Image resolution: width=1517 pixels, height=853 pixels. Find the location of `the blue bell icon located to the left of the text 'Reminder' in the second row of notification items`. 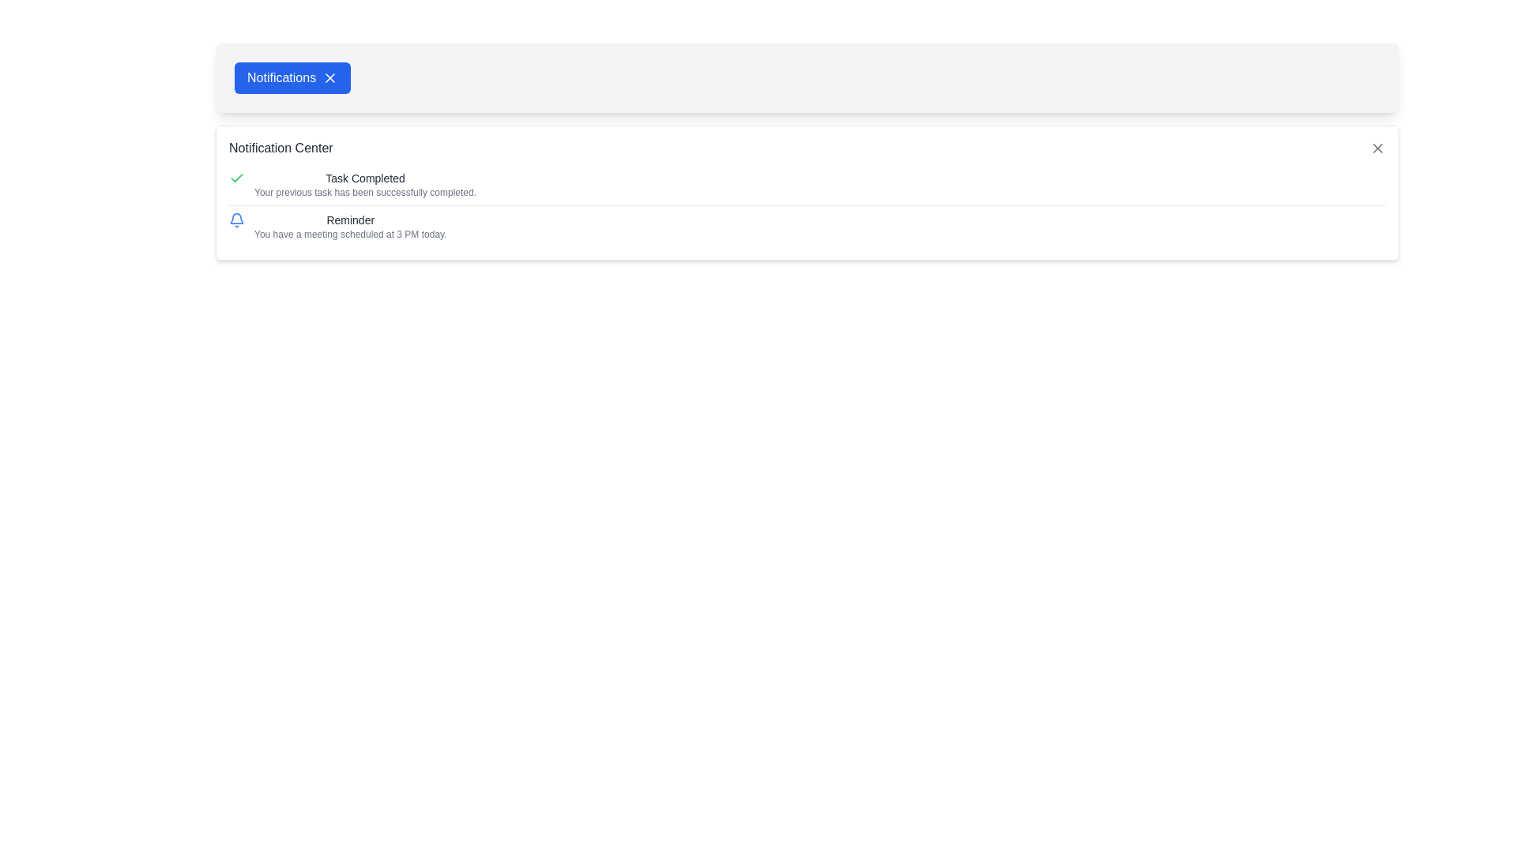

the blue bell icon located to the left of the text 'Reminder' in the second row of notification items is located at coordinates (235, 220).